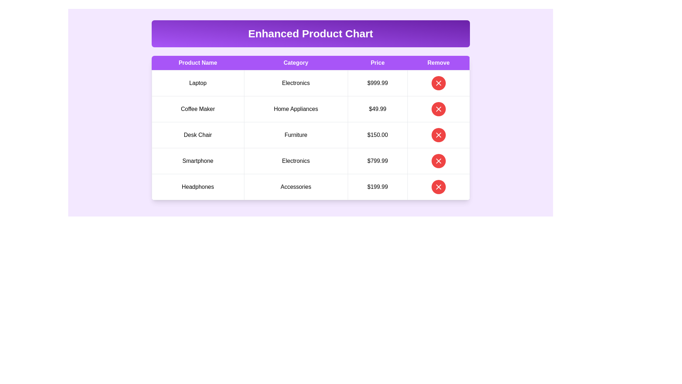  What do you see at coordinates (438, 186) in the screenshot?
I see `the remove button in the last column of the fifth row of the table, which is aligned with the 'Headphones' product details, to observe visual feedback` at bounding box center [438, 186].